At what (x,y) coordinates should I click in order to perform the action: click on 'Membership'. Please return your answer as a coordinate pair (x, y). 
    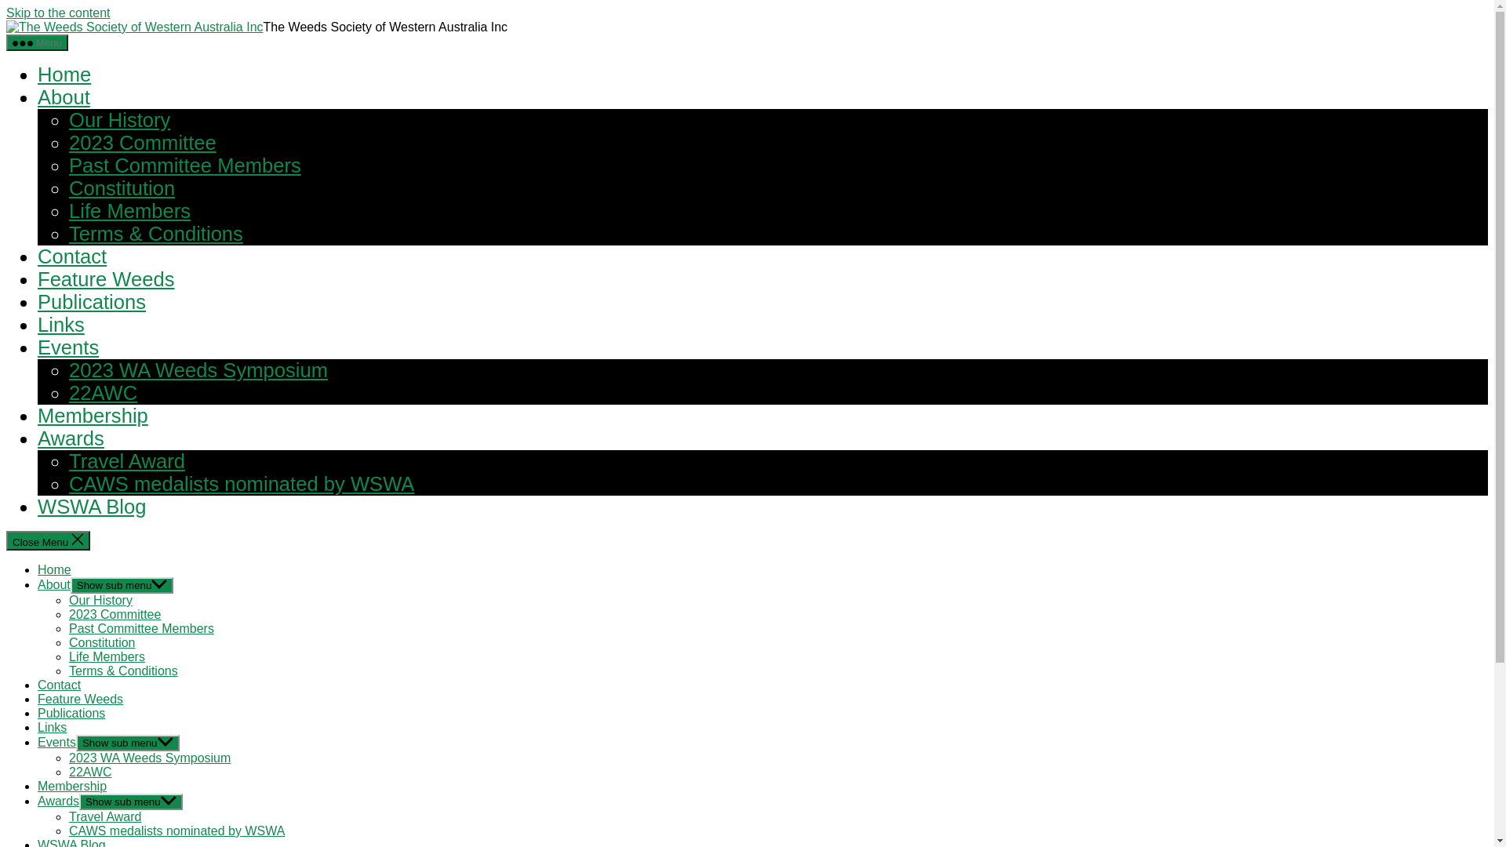
    Looking at the image, I should click on (92, 414).